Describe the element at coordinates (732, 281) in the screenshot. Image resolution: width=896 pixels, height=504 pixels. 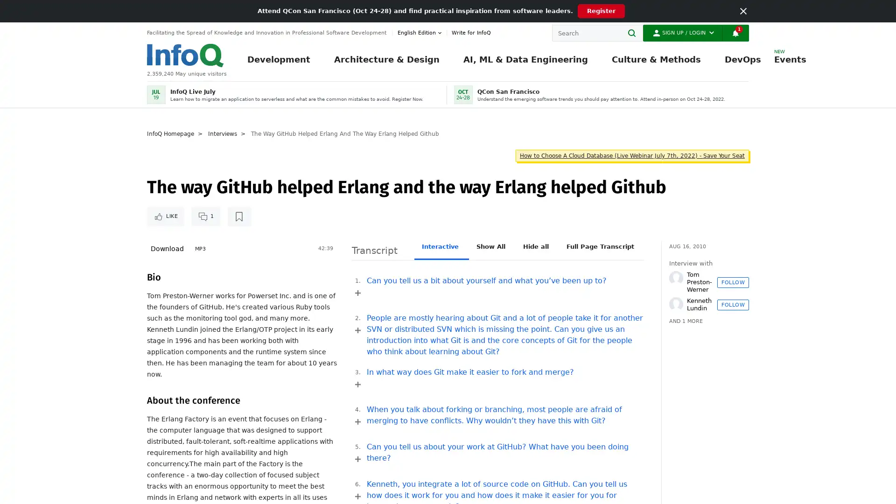
I see `Follow` at that location.